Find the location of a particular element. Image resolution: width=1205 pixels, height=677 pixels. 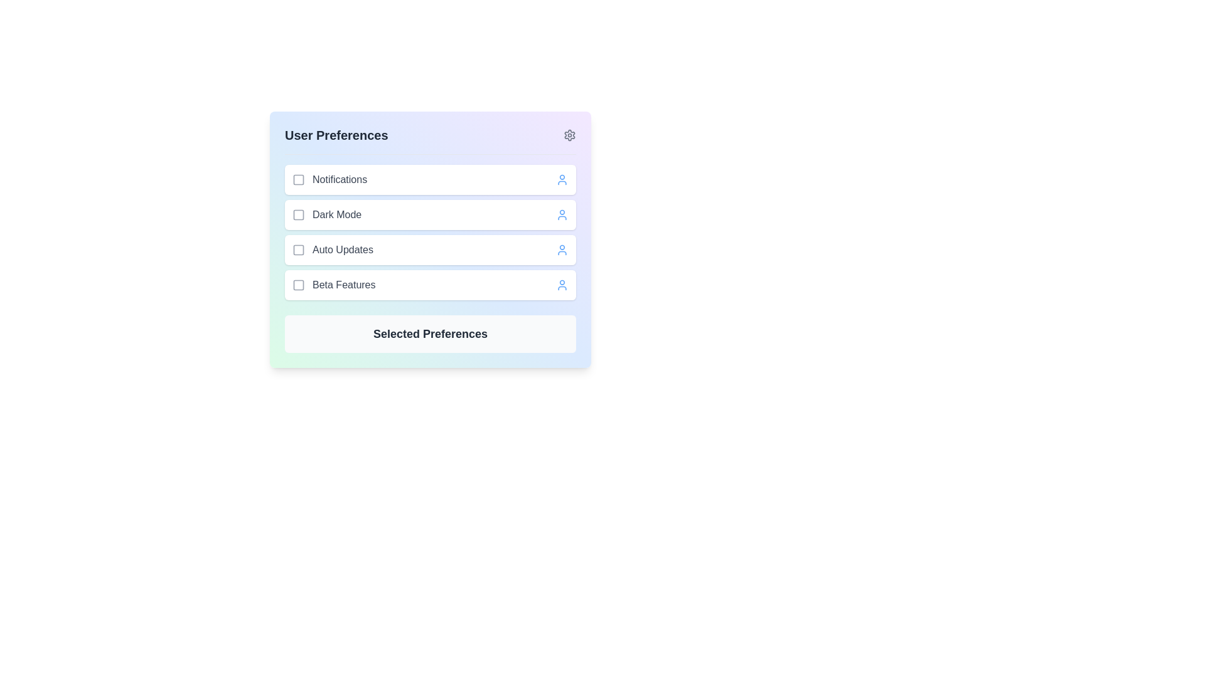

the checkbox associated with the 'Auto Updates' preference, which is the third option in the 'User Preferences' card is located at coordinates (333, 249).